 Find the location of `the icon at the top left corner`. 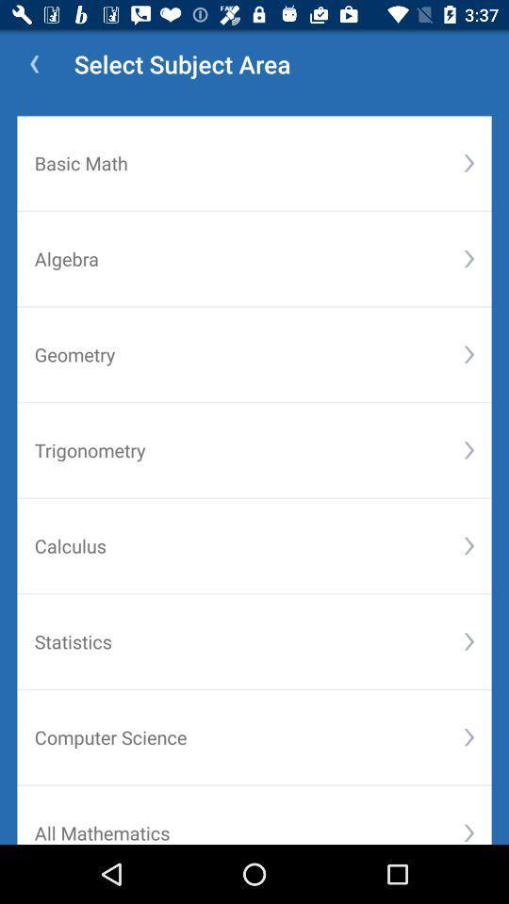

the icon at the top left corner is located at coordinates (34, 64).